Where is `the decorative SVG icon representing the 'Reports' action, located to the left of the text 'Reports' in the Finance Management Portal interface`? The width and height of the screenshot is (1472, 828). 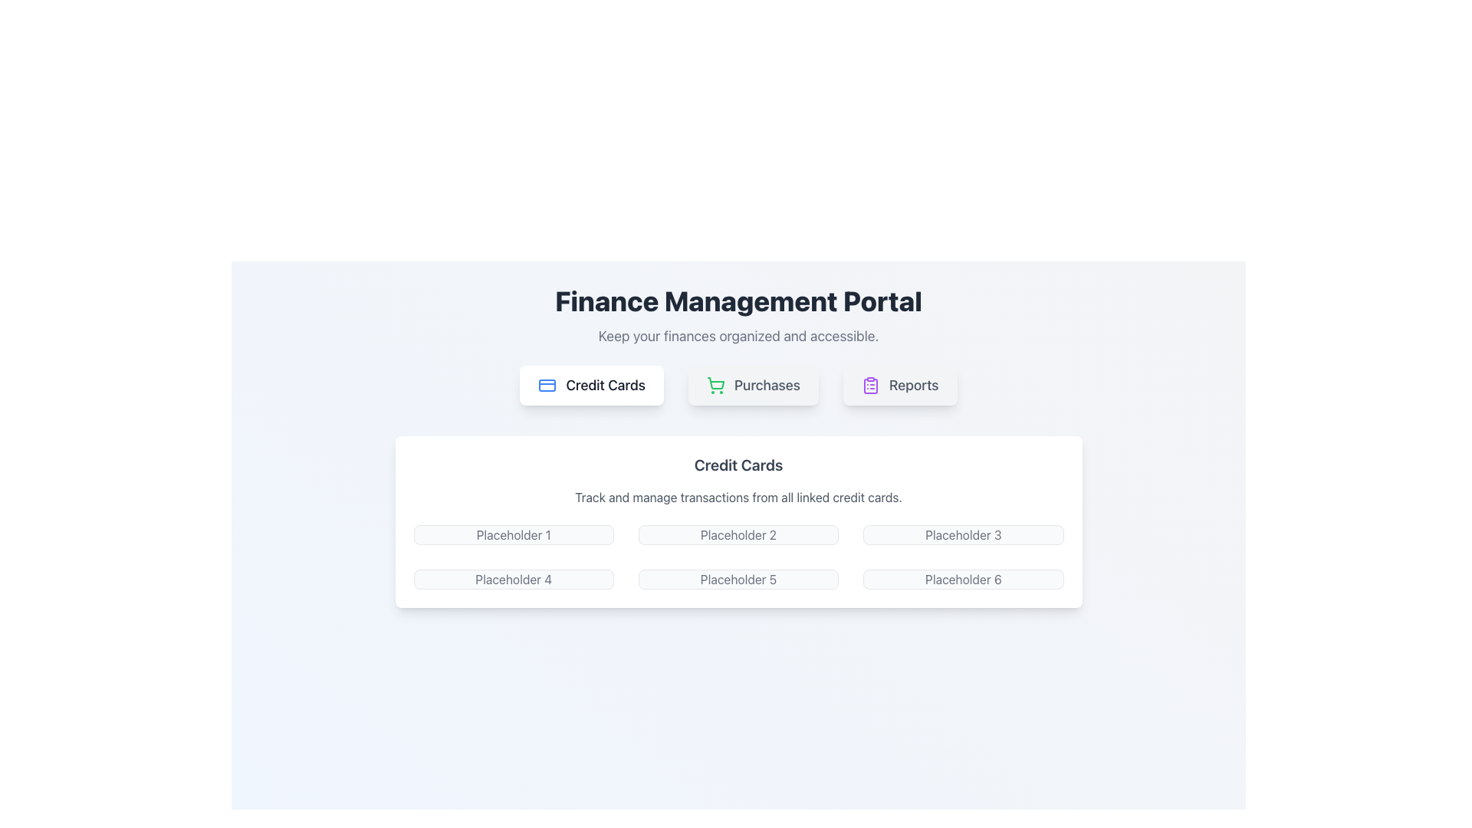
the decorative SVG icon representing the 'Reports' action, located to the left of the text 'Reports' in the Finance Management Portal interface is located at coordinates (870, 384).